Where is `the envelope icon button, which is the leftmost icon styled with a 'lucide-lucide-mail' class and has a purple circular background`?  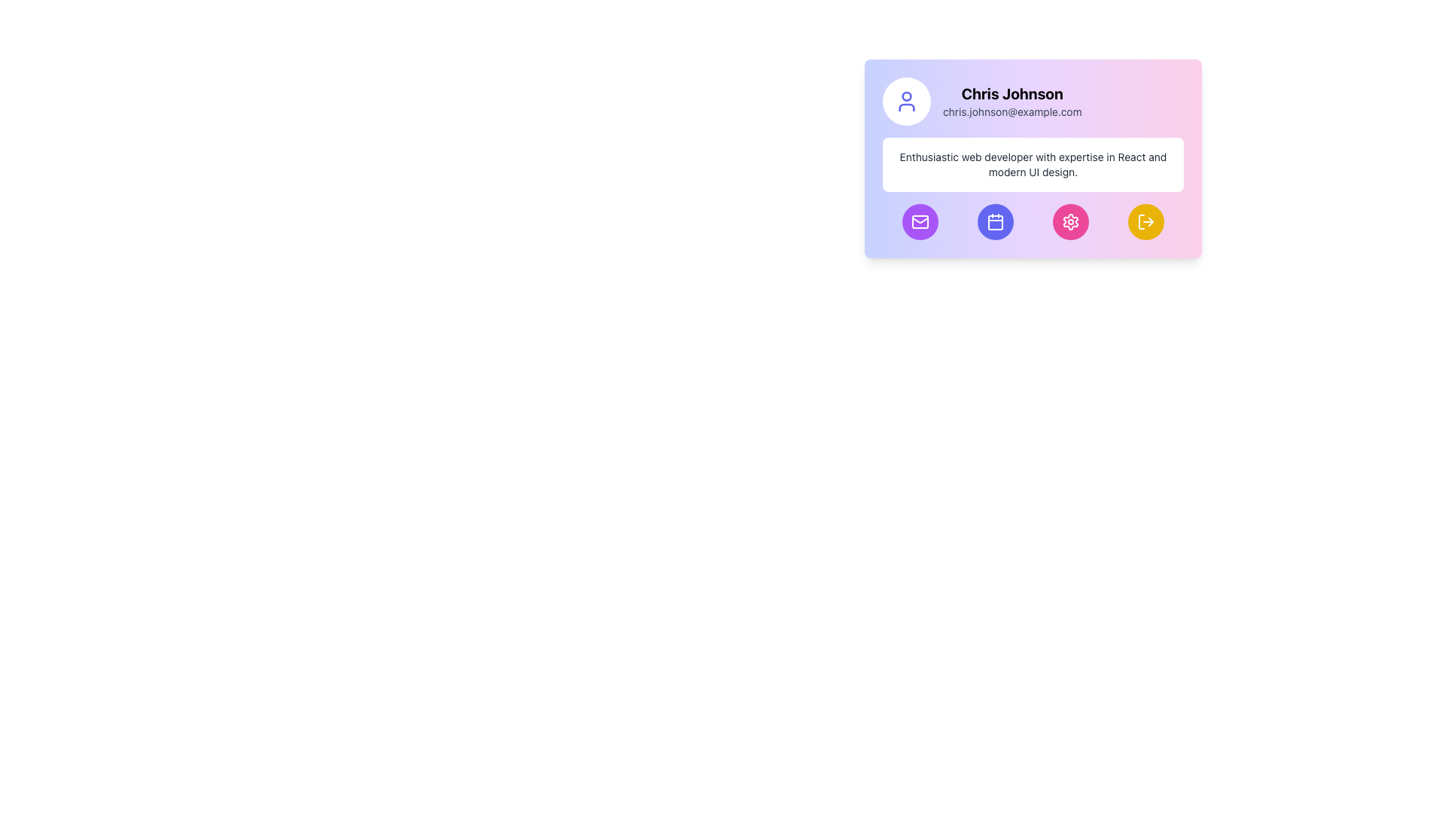
the envelope icon button, which is the leftmost icon styled with a 'lucide-lucide-mail' class and has a purple circular background is located at coordinates (920, 221).